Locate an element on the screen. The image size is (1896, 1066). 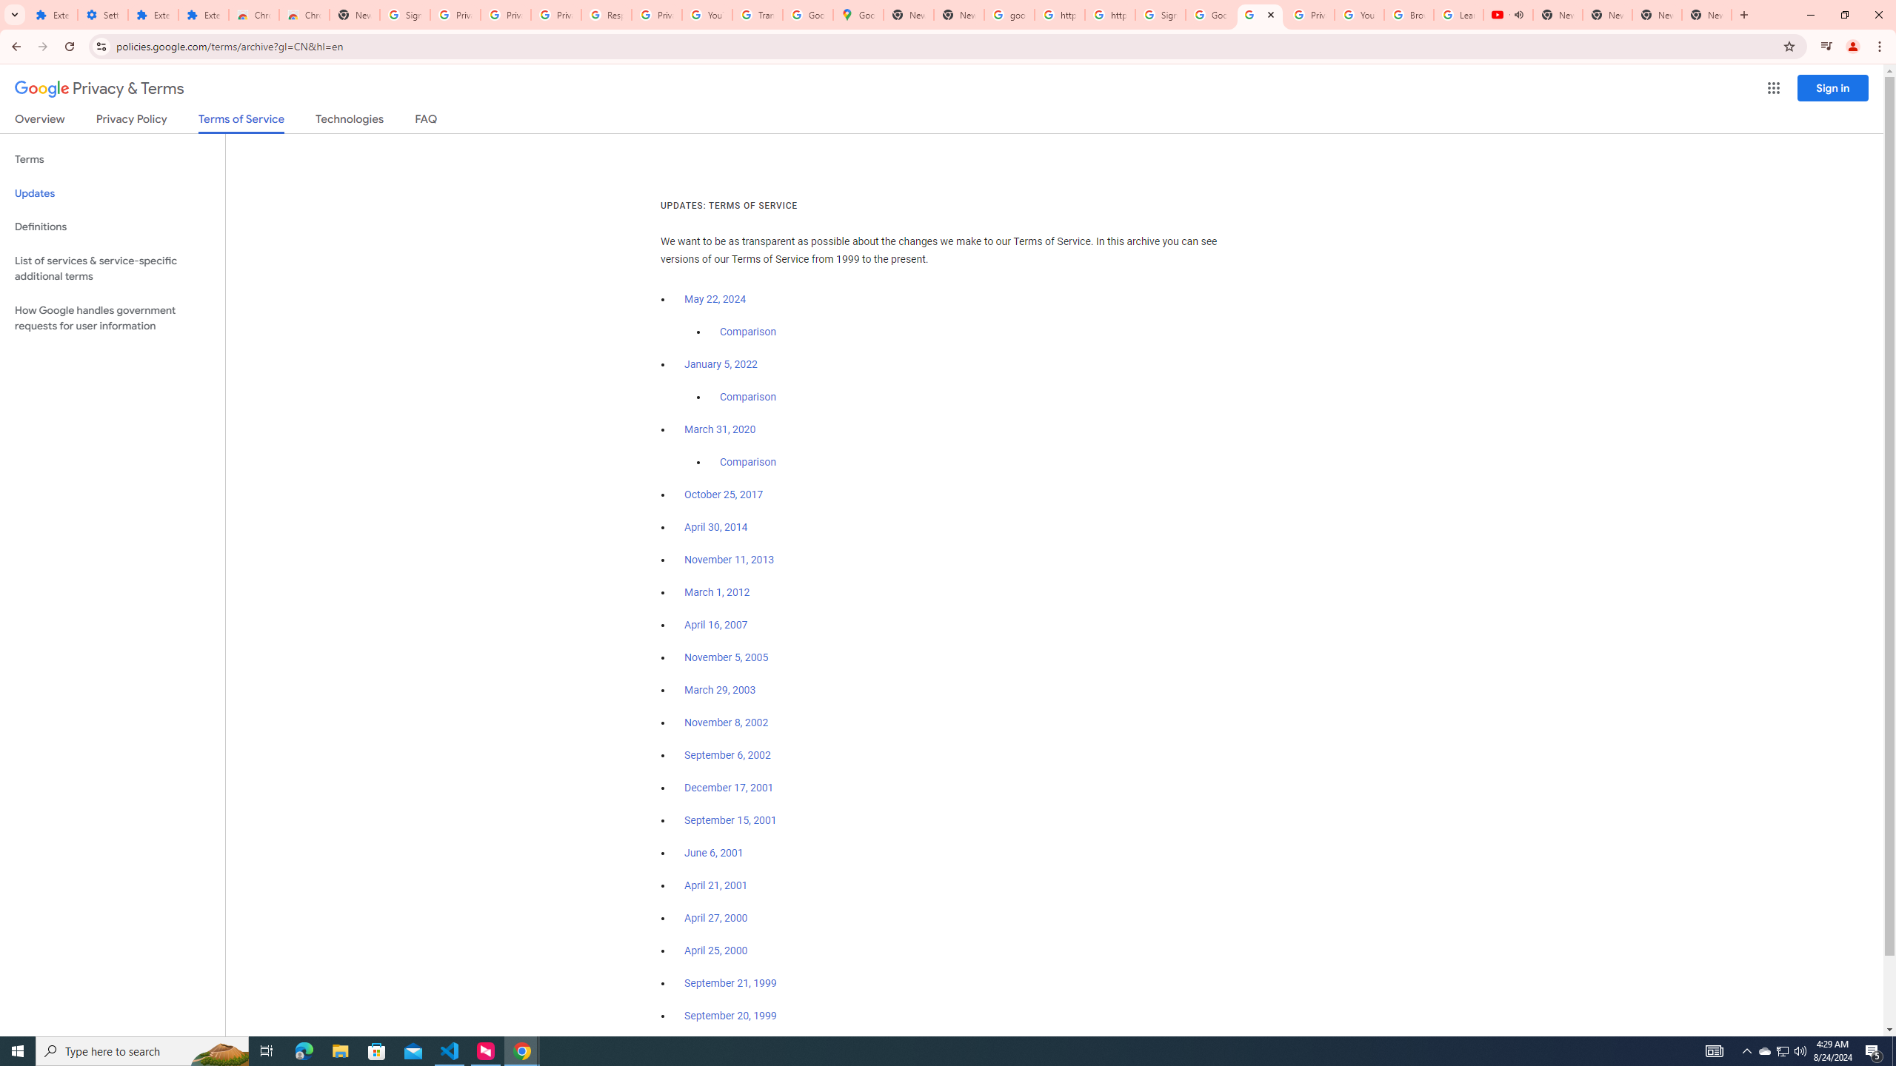
'How Google handles government requests for user information' is located at coordinates (112, 317).